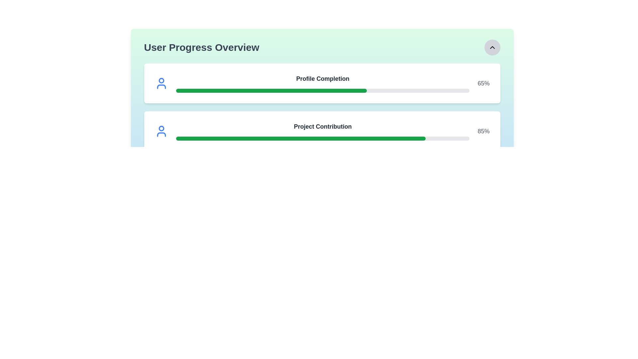 The height and width of the screenshot is (359, 638). What do you see at coordinates (483, 83) in the screenshot?
I see `the text label displaying the profile completion percentage, located at the top-right corner of the progress card` at bounding box center [483, 83].